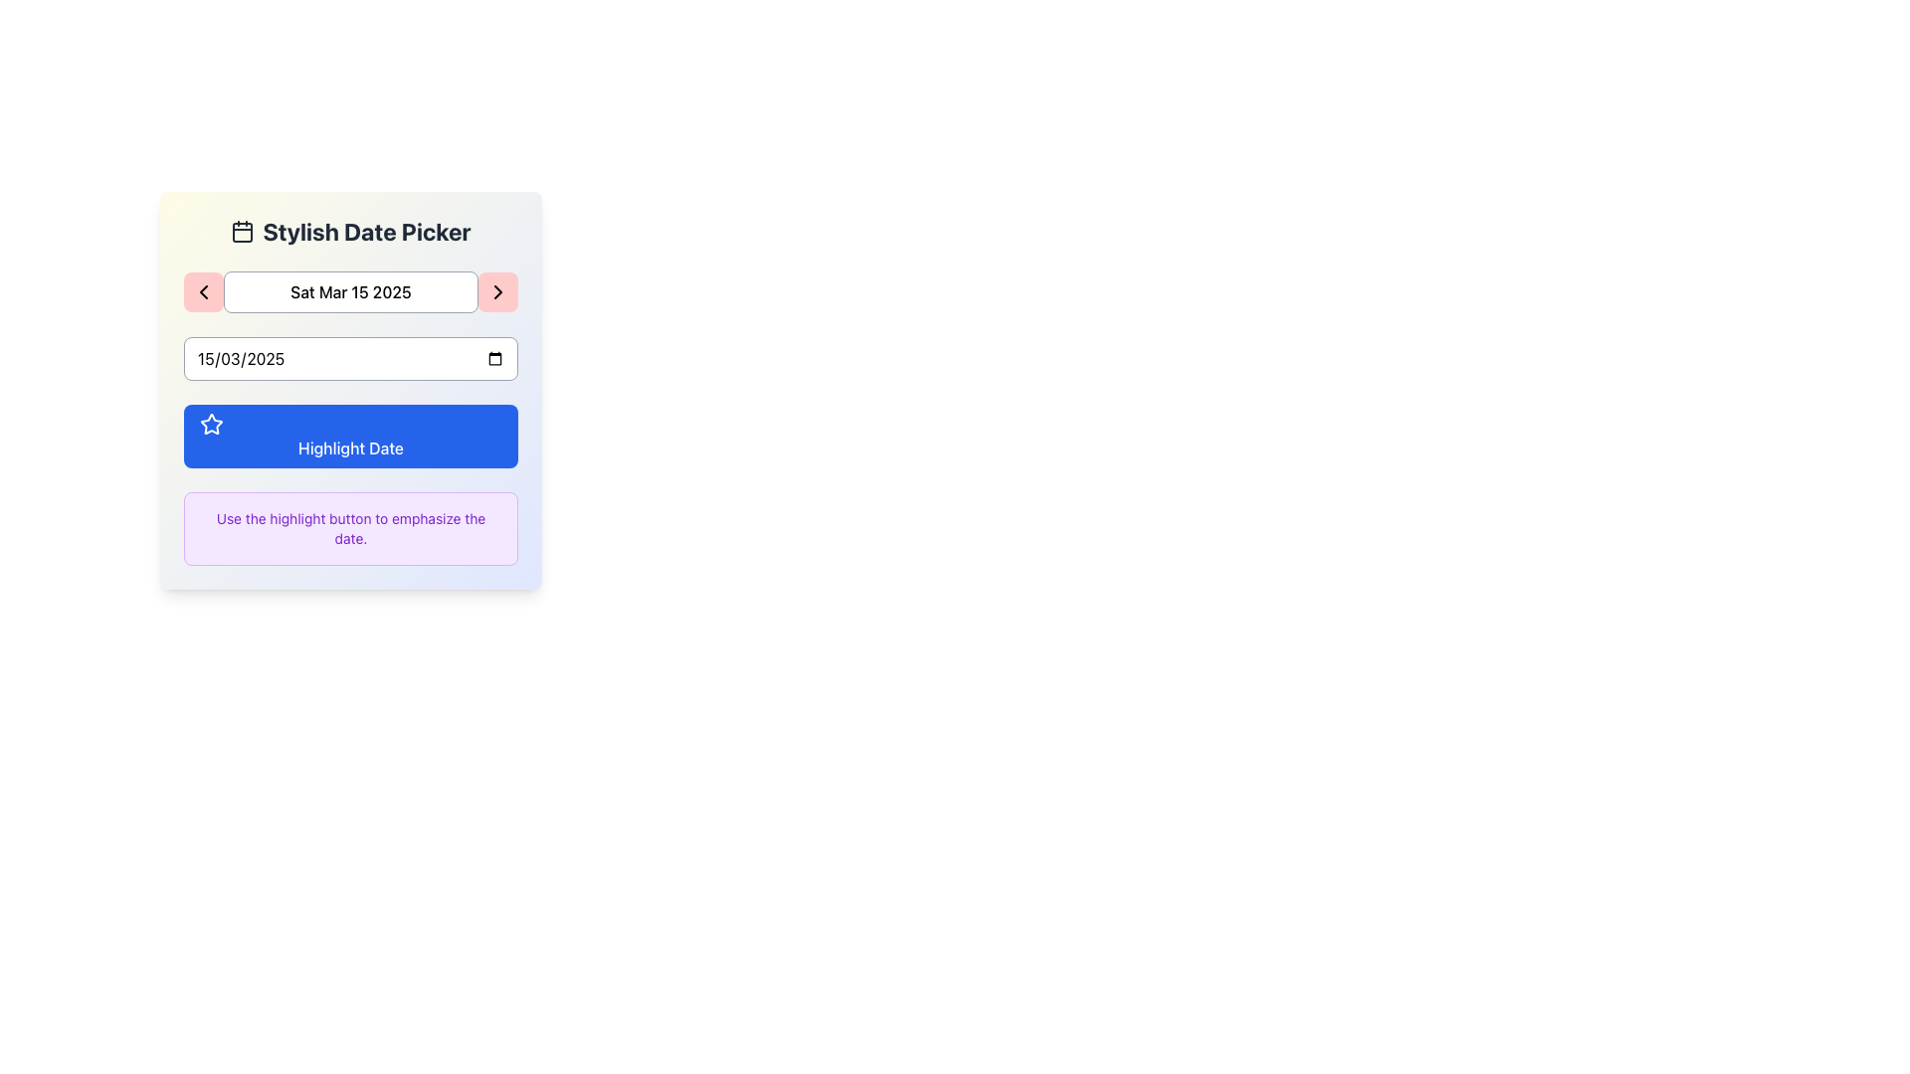 This screenshot has height=1074, width=1910. What do you see at coordinates (497, 291) in the screenshot?
I see `the small rounded rectangular button with a red background and a rightward-facing arrow icon` at bounding box center [497, 291].